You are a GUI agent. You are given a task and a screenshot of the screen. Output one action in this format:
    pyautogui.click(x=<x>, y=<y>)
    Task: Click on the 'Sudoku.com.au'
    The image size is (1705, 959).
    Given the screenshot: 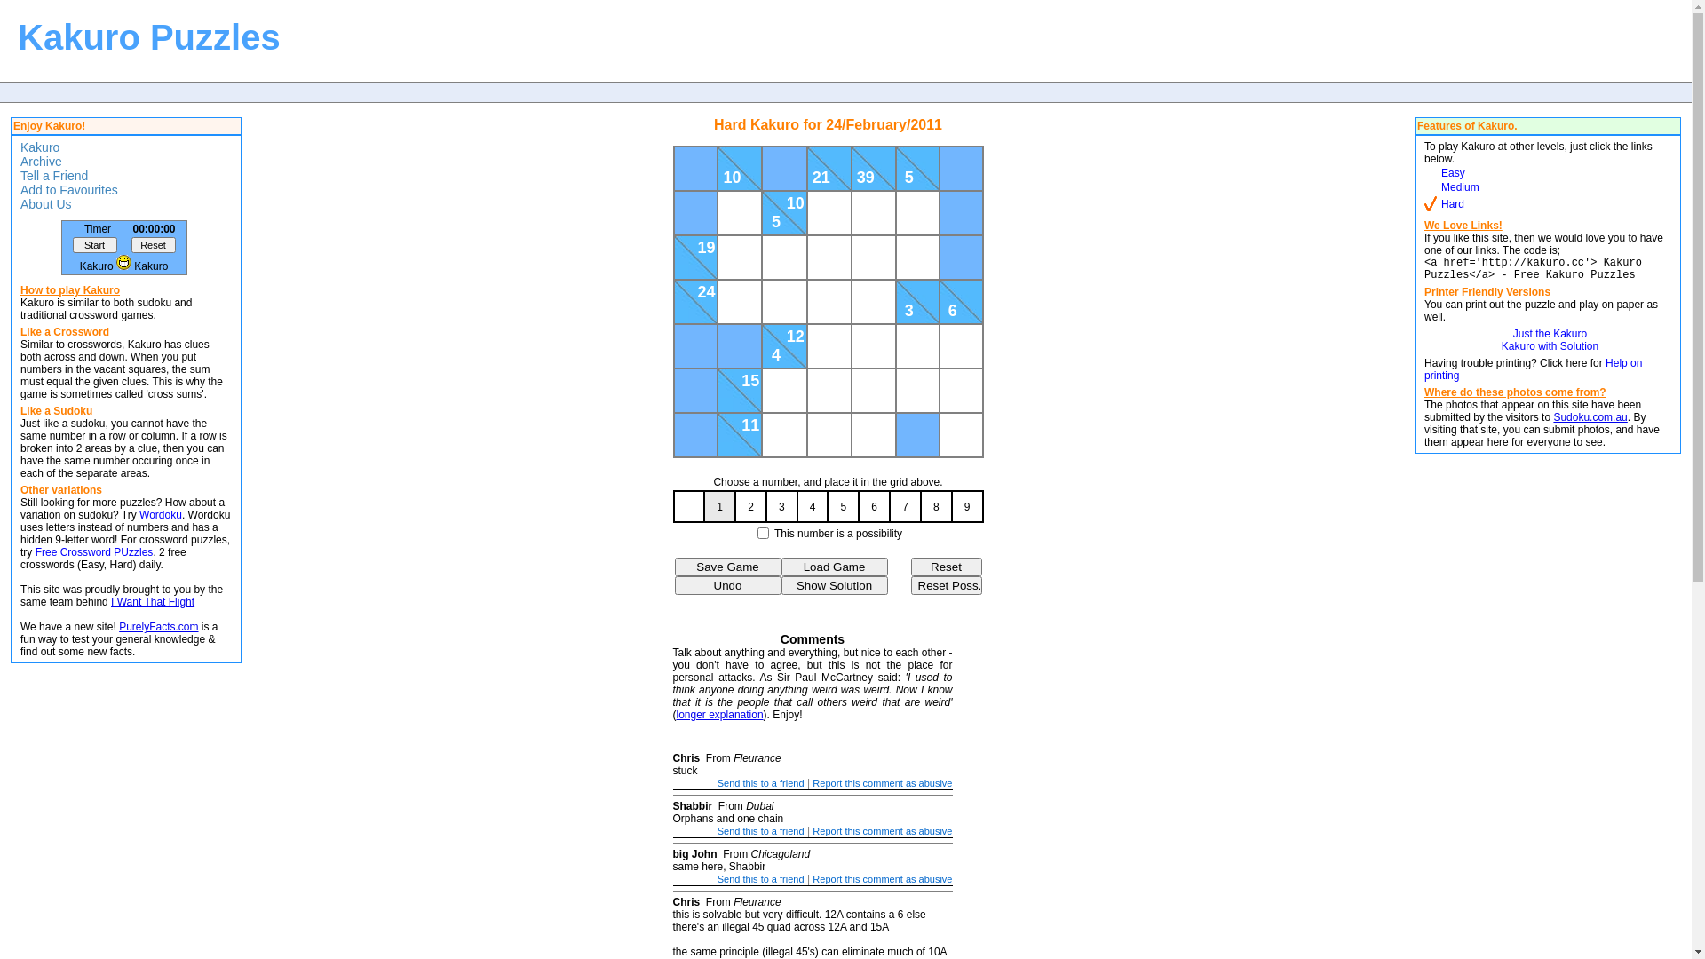 What is the action you would take?
    pyautogui.click(x=1590, y=417)
    